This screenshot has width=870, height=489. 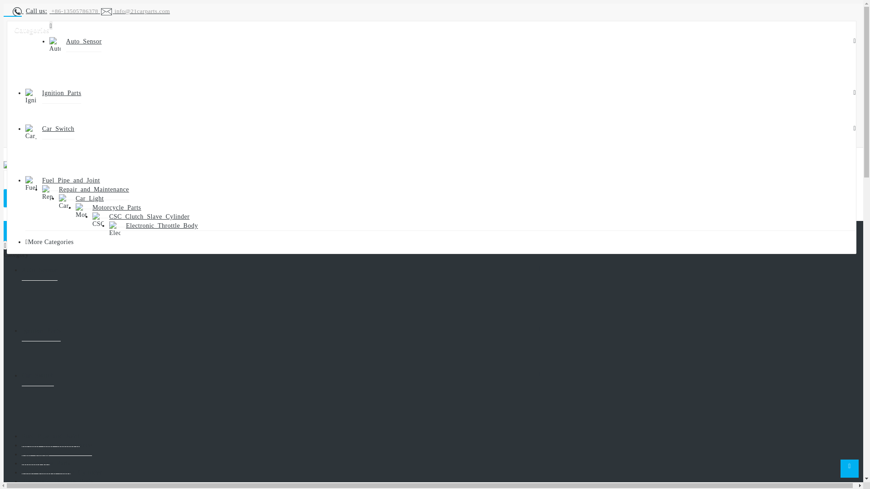 What do you see at coordinates (162, 225) in the screenshot?
I see `'Electronic_Throttle_Body'` at bounding box center [162, 225].